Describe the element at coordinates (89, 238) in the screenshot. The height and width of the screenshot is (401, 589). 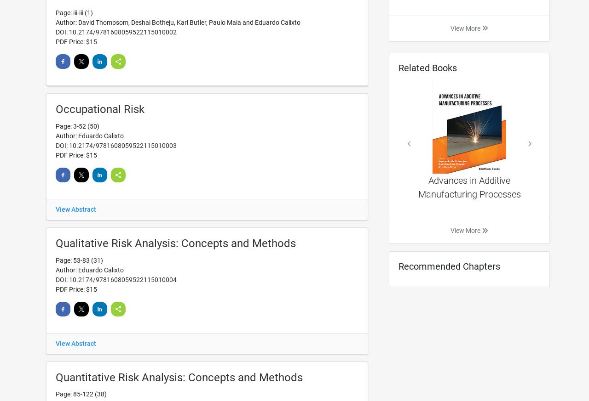
I see `'Subject Index'` at that location.